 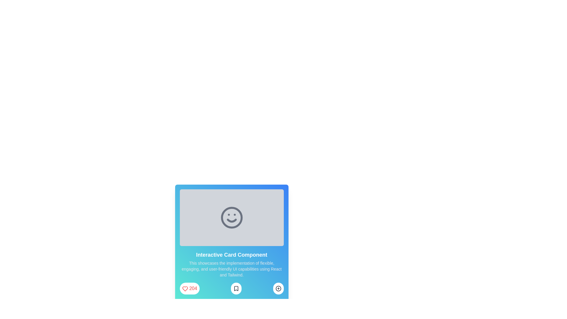 What do you see at coordinates (185, 288) in the screenshot?
I see `the 'like' or 'favorite' icon located at the bottom-left area of the interactive card UI component, which is adjacent to the text label '204'` at bounding box center [185, 288].